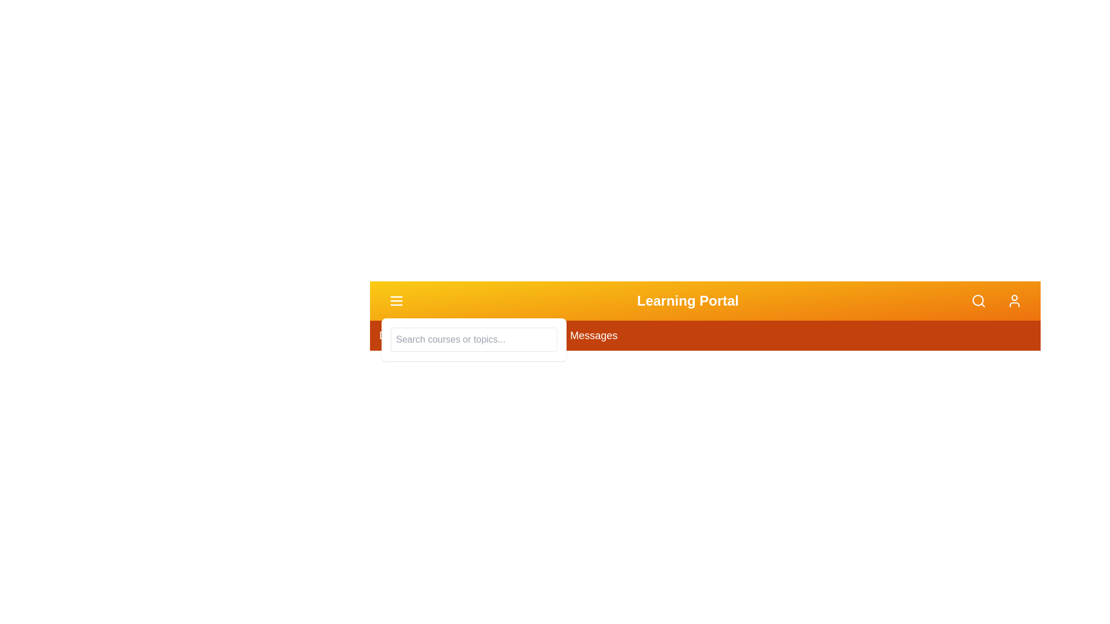 This screenshot has height=624, width=1110. What do you see at coordinates (594, 336) in the screenshot?
I see `the menu item Messages to navigate to the corresponding section` at bounding box center [594, 336].